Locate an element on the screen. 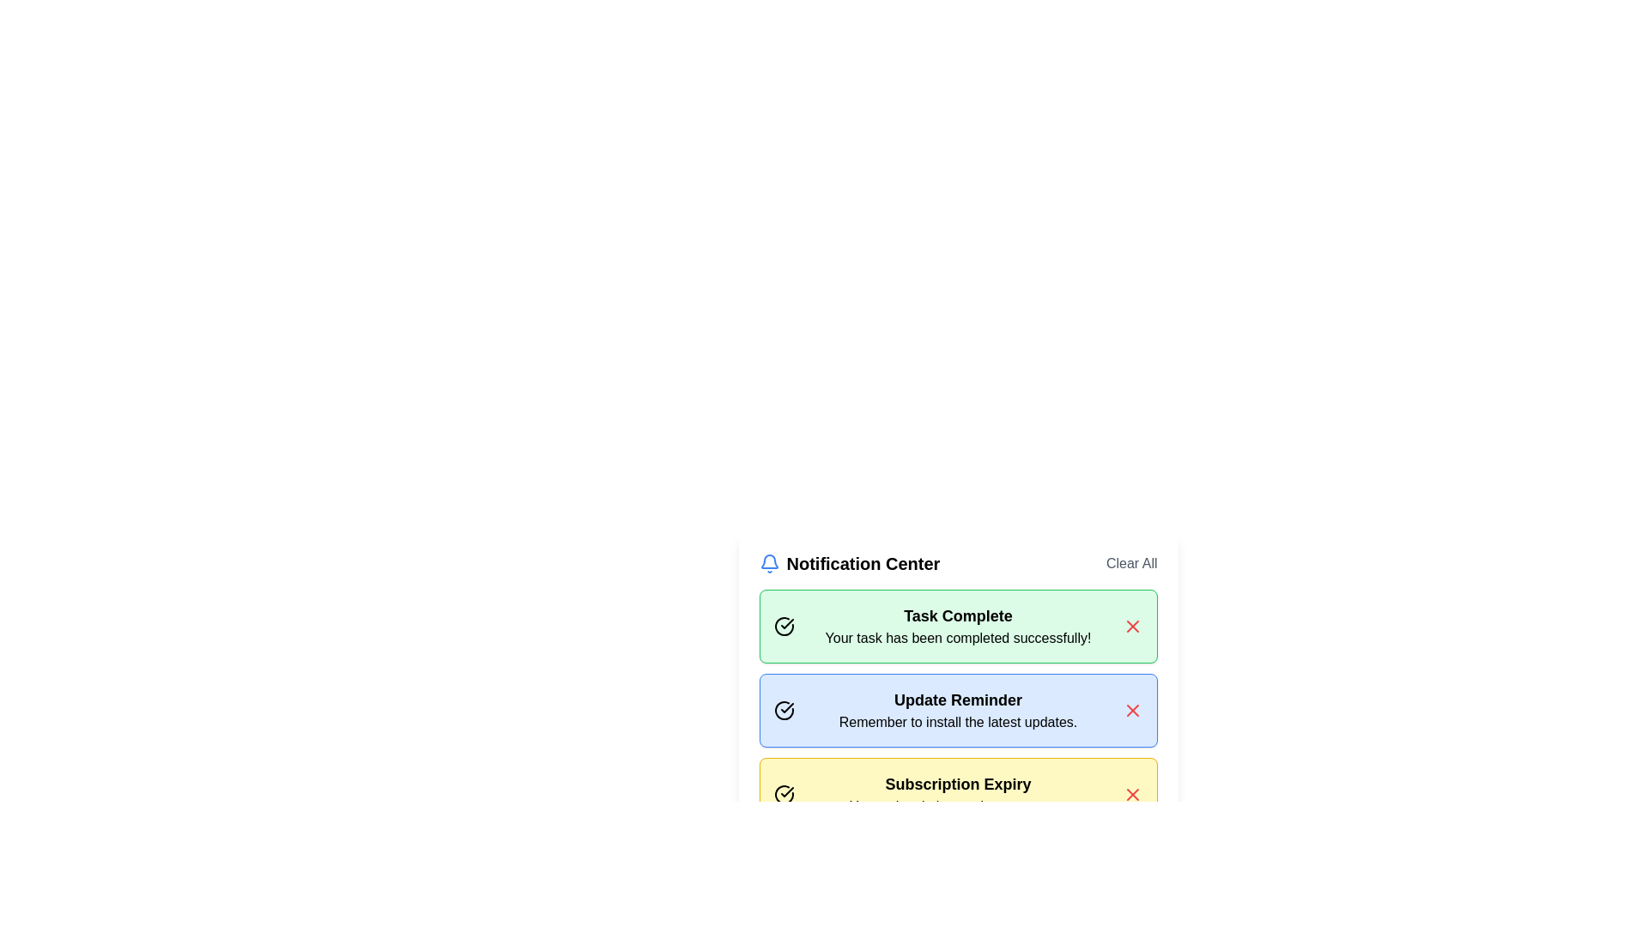  text from the bold, large-sized label that says 'Task Complete' within the green notification card at the specified coordinates is located at coordinates (957, 615).